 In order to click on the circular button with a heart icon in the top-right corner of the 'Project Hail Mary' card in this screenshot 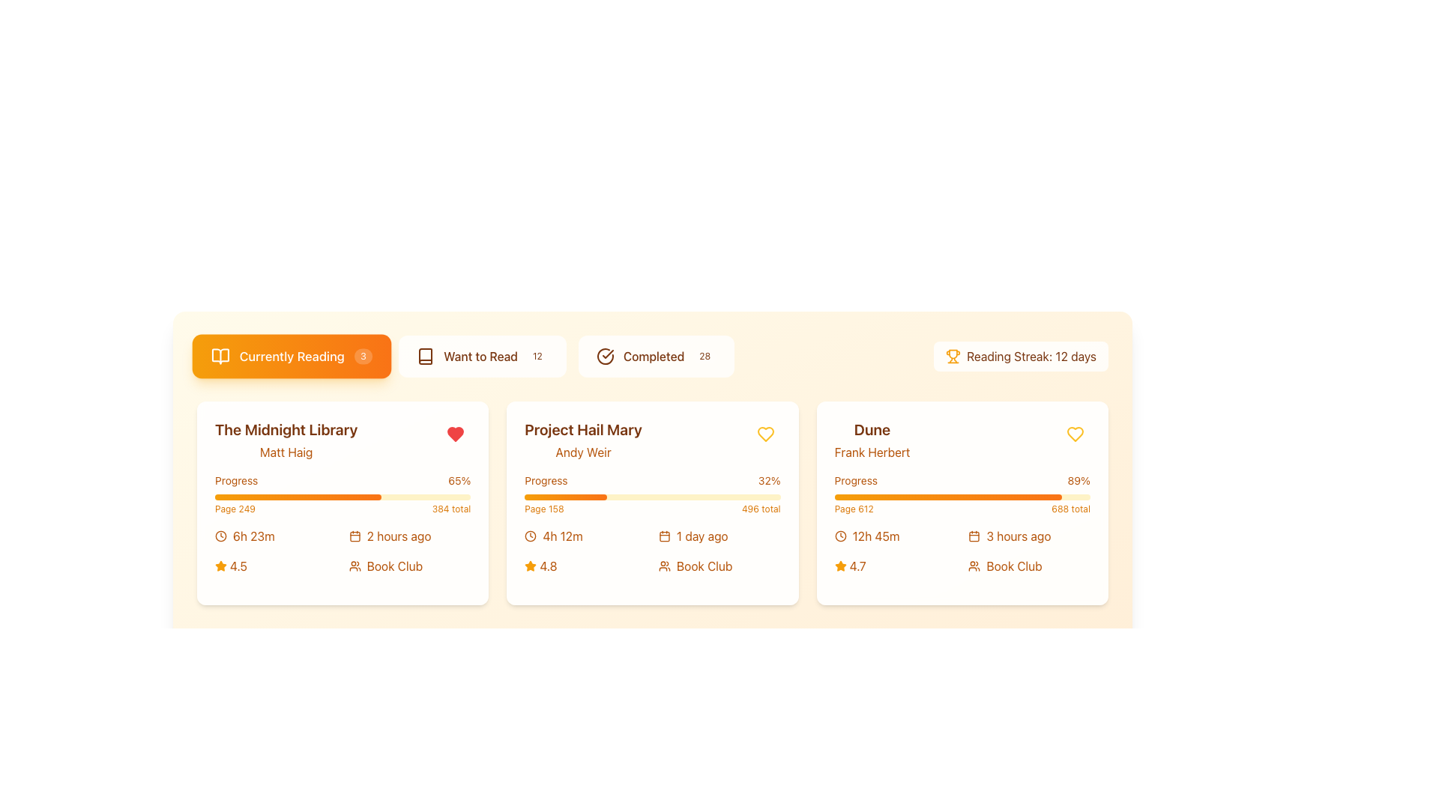, I will do `click(765, 434)`.